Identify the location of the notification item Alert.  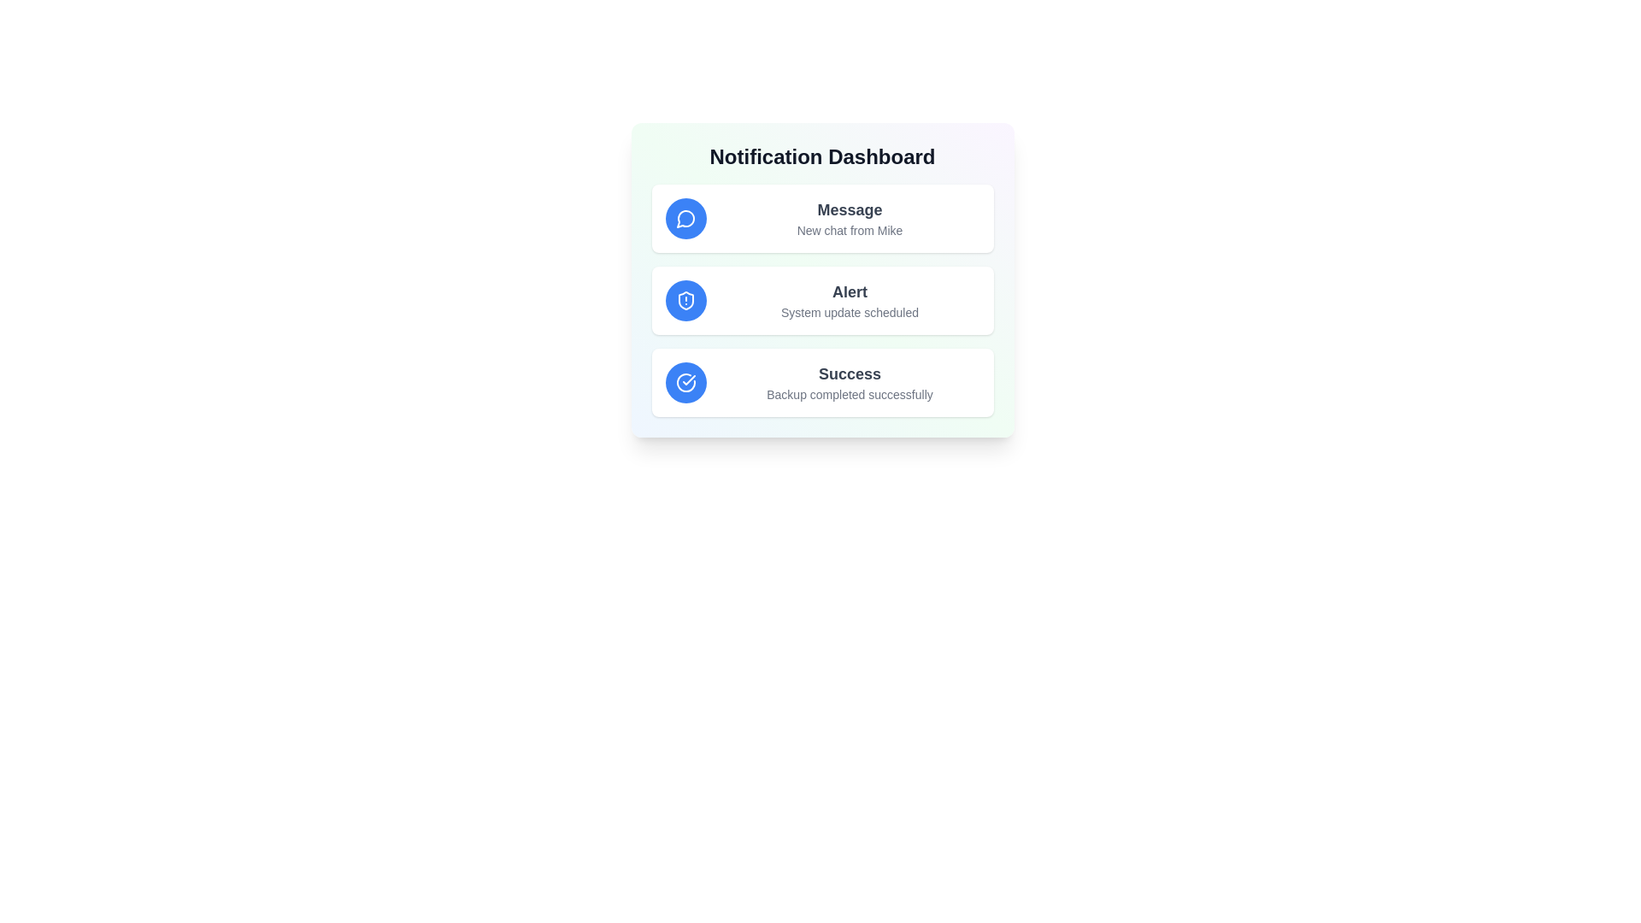
(822, 299).